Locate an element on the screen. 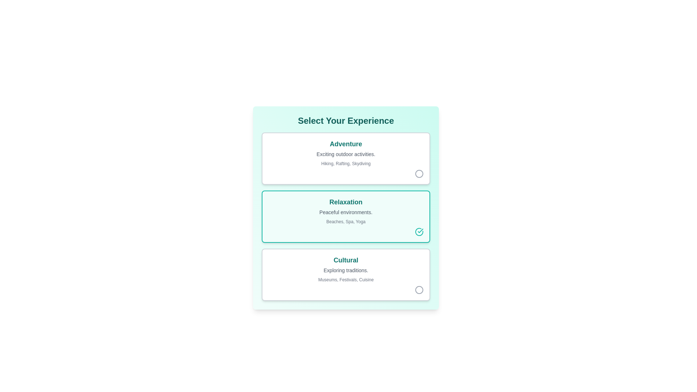 The width and height of the screenshot is (697, 392). the label with the text 'Adventure' displayed in large, bold teal green font, positioned at the top of a white rounded card is located at coordinates (346, 144).